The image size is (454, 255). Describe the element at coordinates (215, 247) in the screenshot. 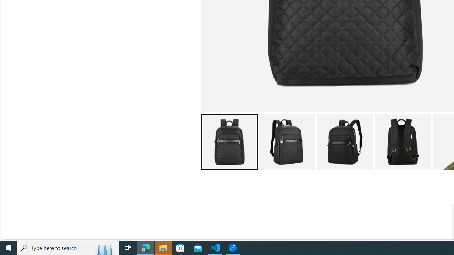

I see `'Visual Studio Code - 1 running window'` at that location.